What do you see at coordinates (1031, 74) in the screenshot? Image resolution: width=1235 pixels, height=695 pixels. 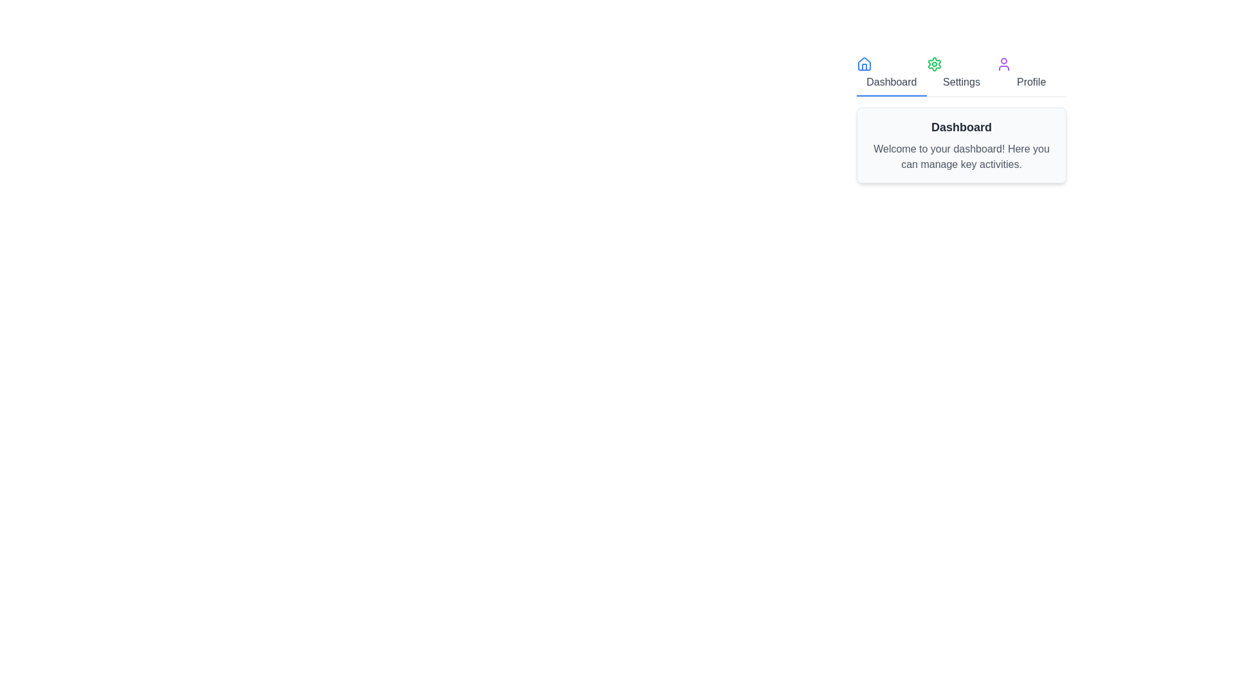 I see `the tab labeled Profile` at bounding box center [1031, 74].